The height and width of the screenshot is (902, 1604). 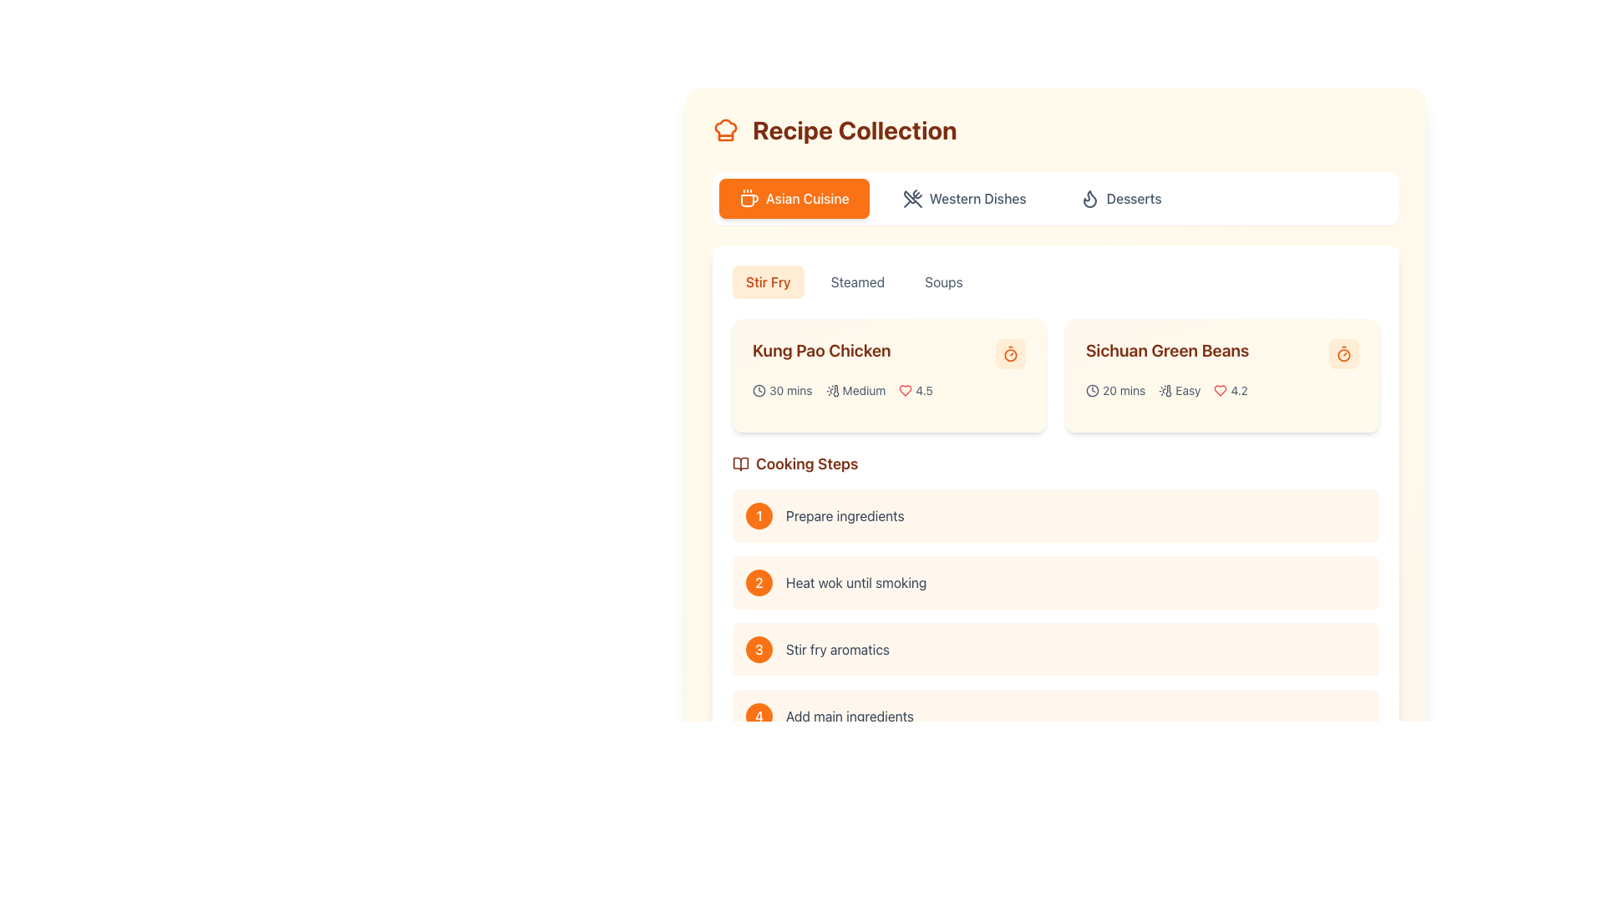 What do you see at coordinates (758, 715) in the screenshot?
I see `the Step number indicator displaying '4' located to the left of 'Add main ingredients' in the Cooking Steps section` at bounding box center [758, 715].